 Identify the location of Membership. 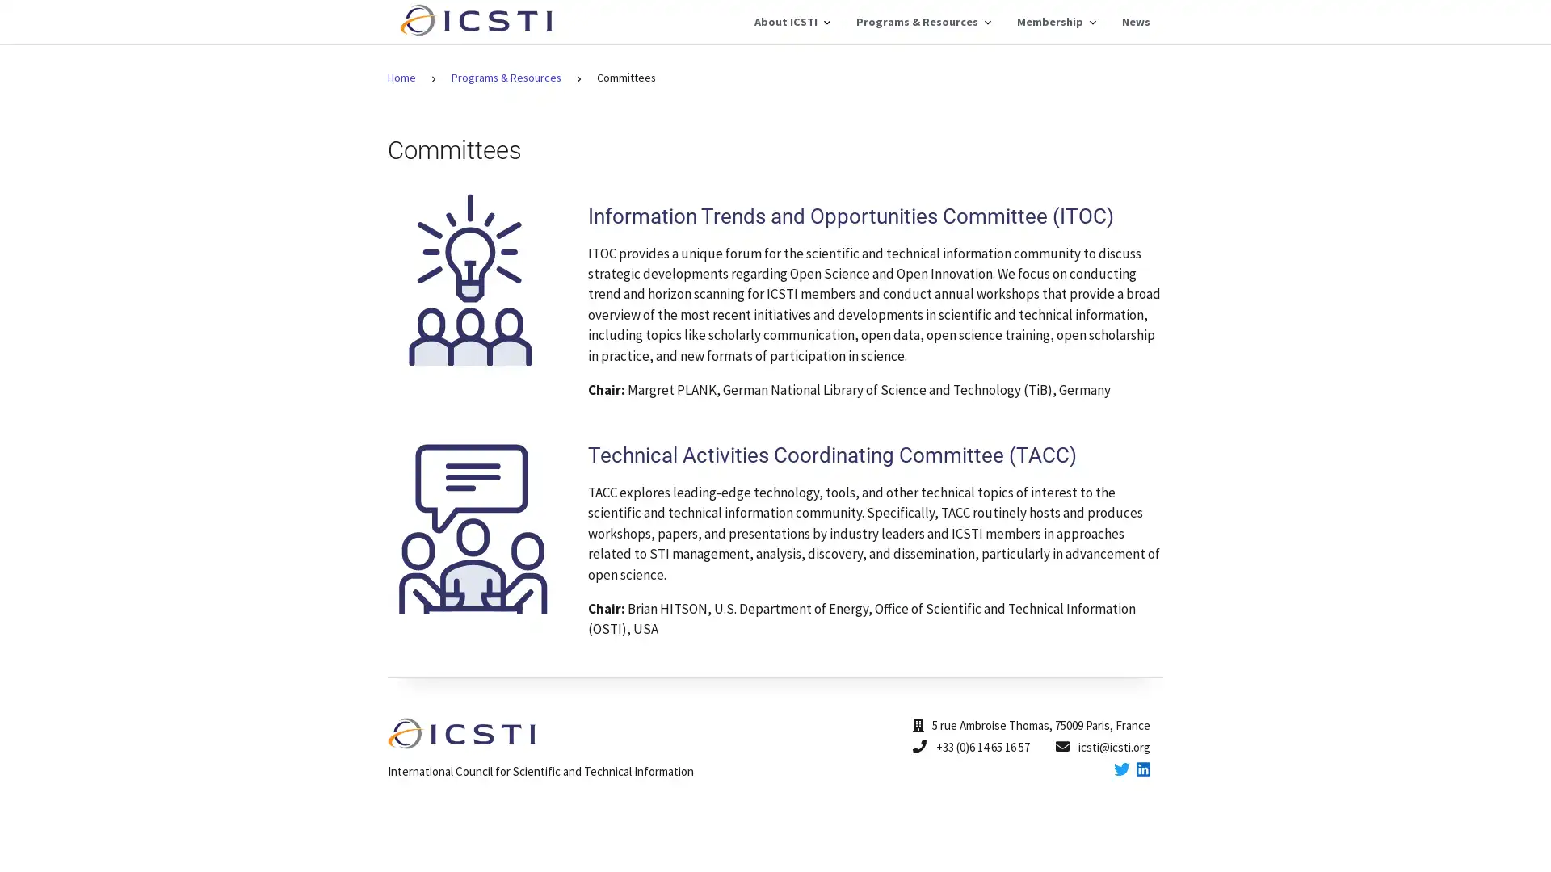
(1056, 22).